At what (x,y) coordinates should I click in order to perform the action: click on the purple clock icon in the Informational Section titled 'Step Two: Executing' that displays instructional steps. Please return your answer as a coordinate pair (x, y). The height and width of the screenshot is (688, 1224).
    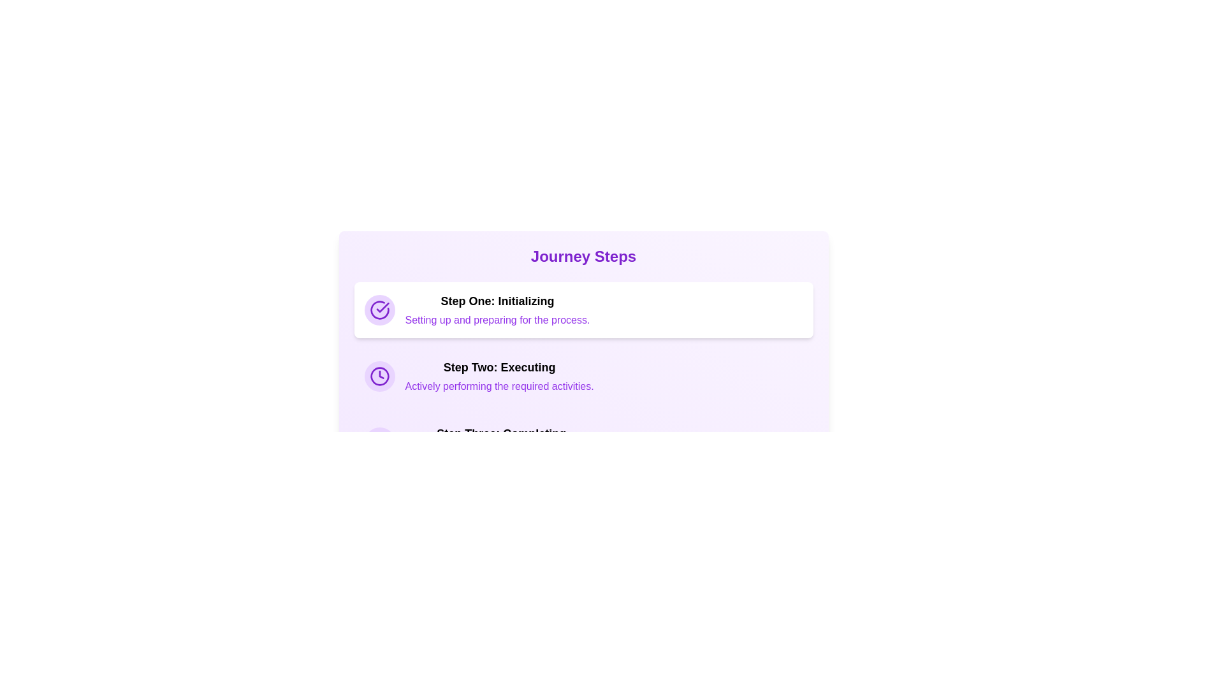
    Looking at the image, I should click on (583, 375).